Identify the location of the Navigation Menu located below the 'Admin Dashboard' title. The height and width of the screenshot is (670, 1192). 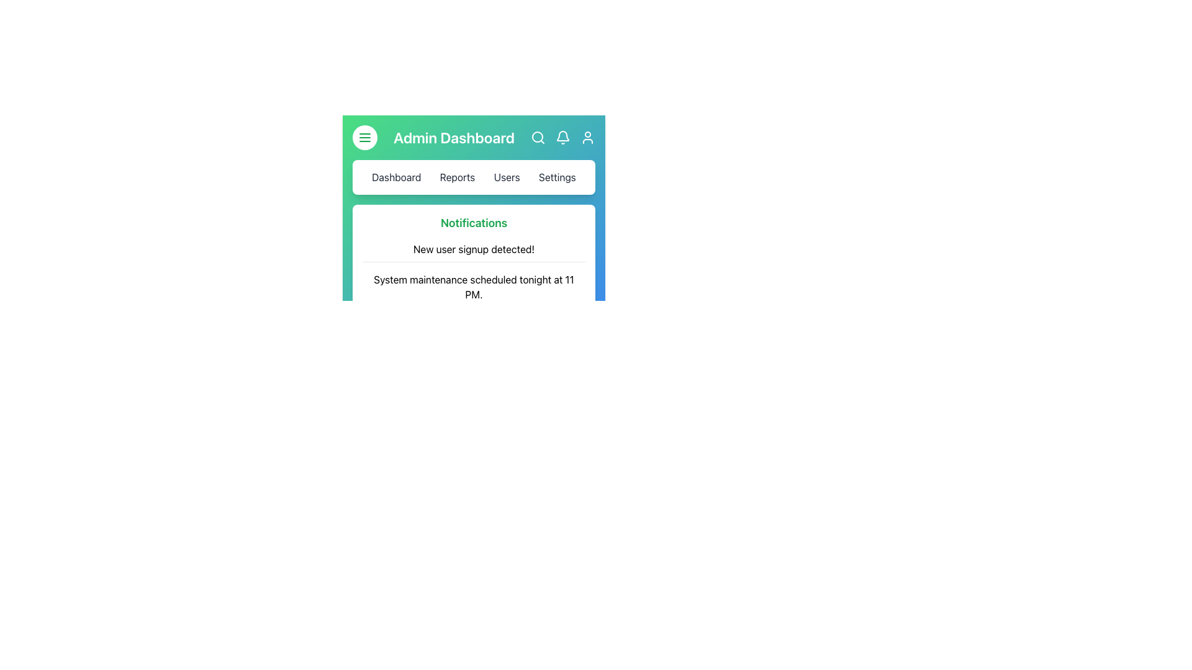
(473, 177).